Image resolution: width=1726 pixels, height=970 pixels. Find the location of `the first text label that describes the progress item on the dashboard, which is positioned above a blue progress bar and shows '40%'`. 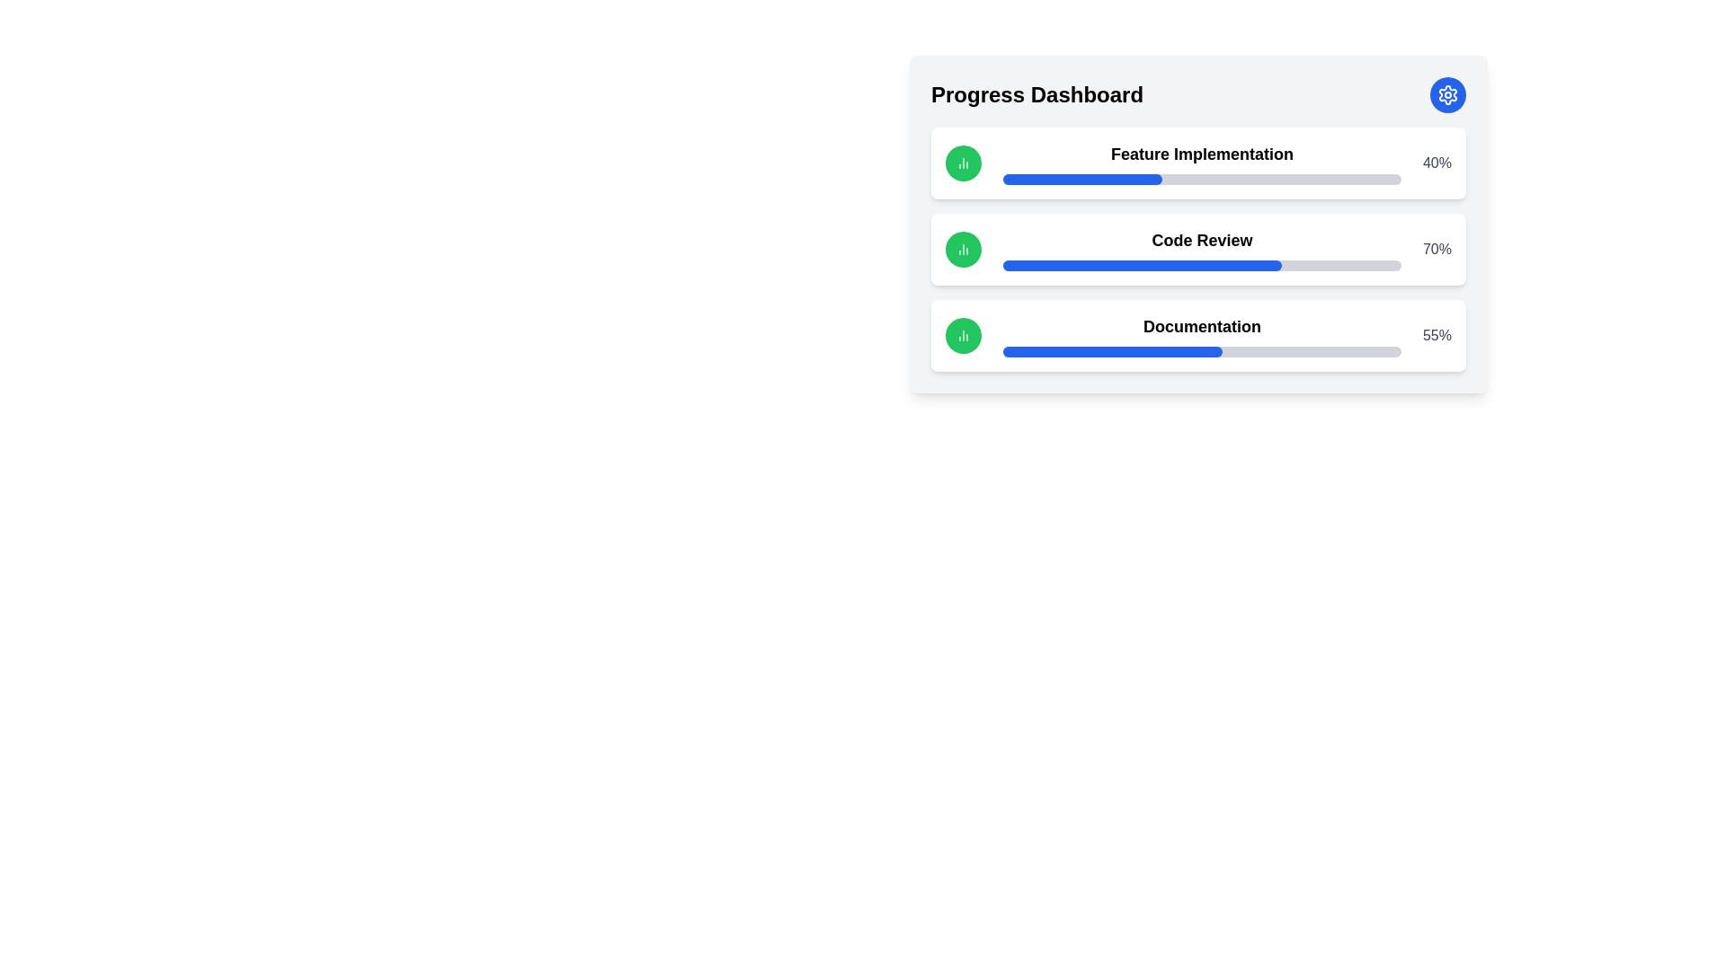

the first text label that describes the progress item on the dashboard, which is positioned above a blue progress bar and shows '40%' is located at coordinates (1202, 154).